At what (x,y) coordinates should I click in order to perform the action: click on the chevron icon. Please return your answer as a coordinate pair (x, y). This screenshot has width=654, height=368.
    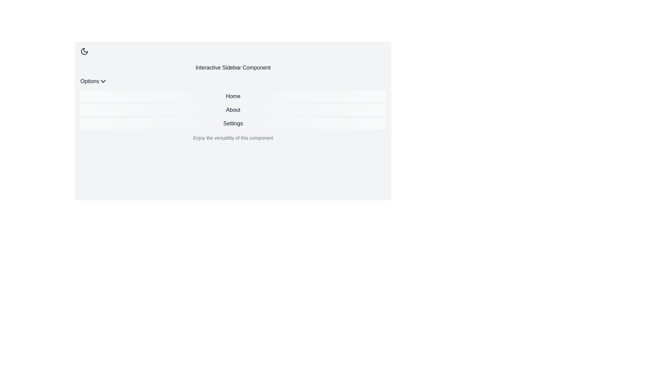
    Looking at the image, I should click on (103, 81).